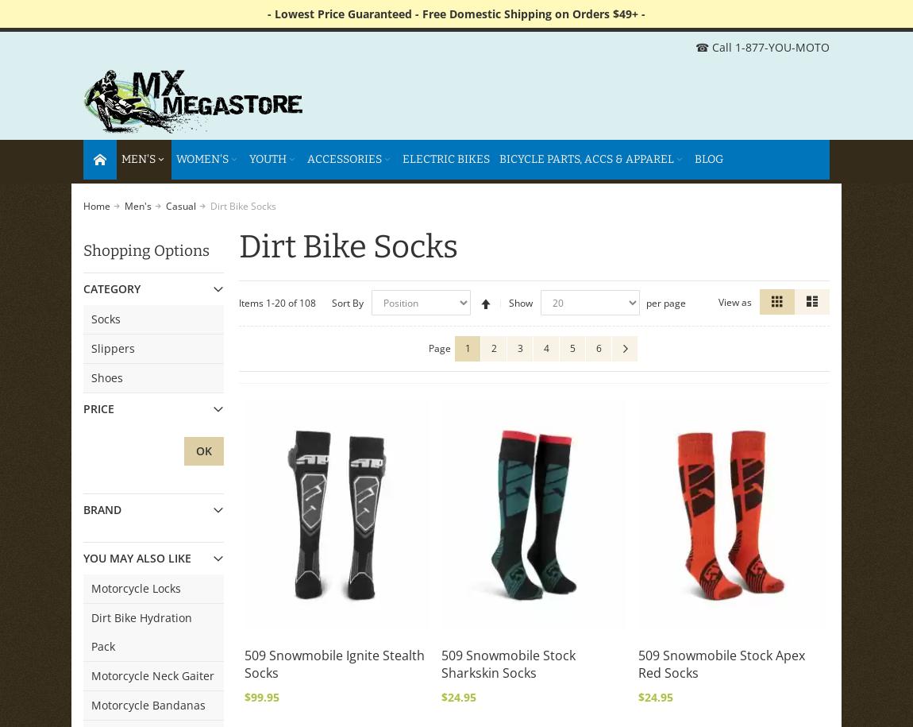  Describe the element at coordinates (708, 158) in the screenshot. I see `'Blog'` at that location.